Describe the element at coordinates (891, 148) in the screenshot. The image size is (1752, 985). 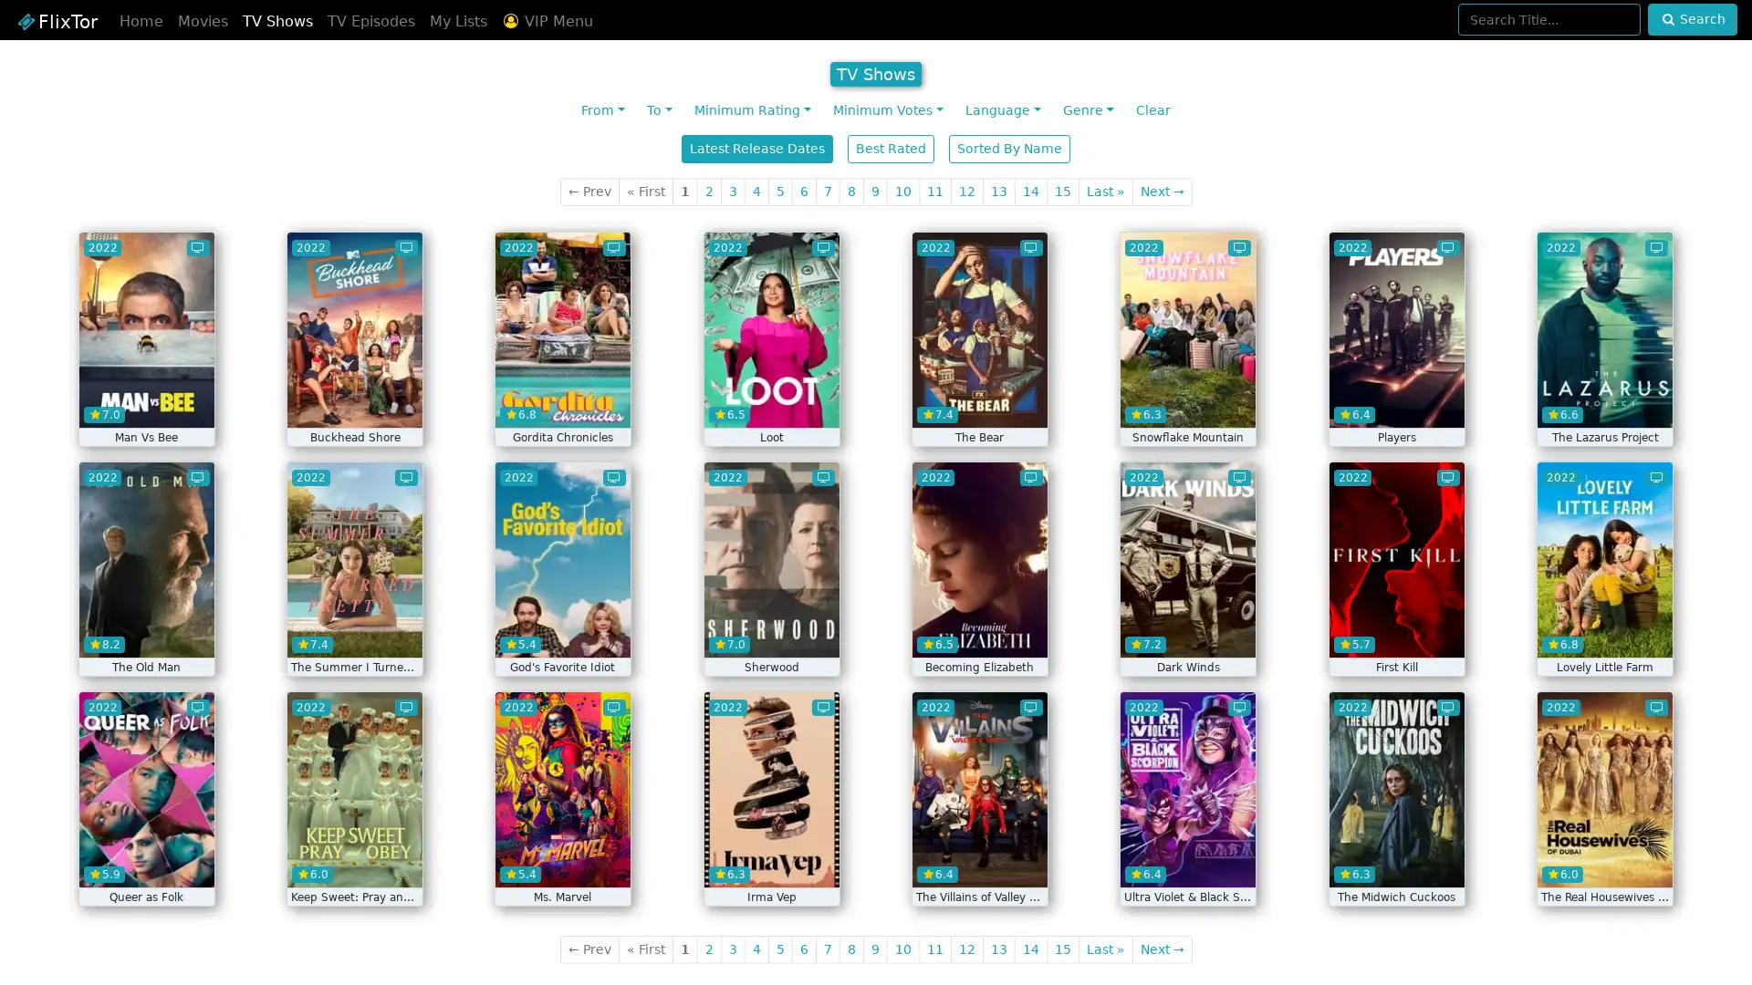
I see `Best Rated` at that location.